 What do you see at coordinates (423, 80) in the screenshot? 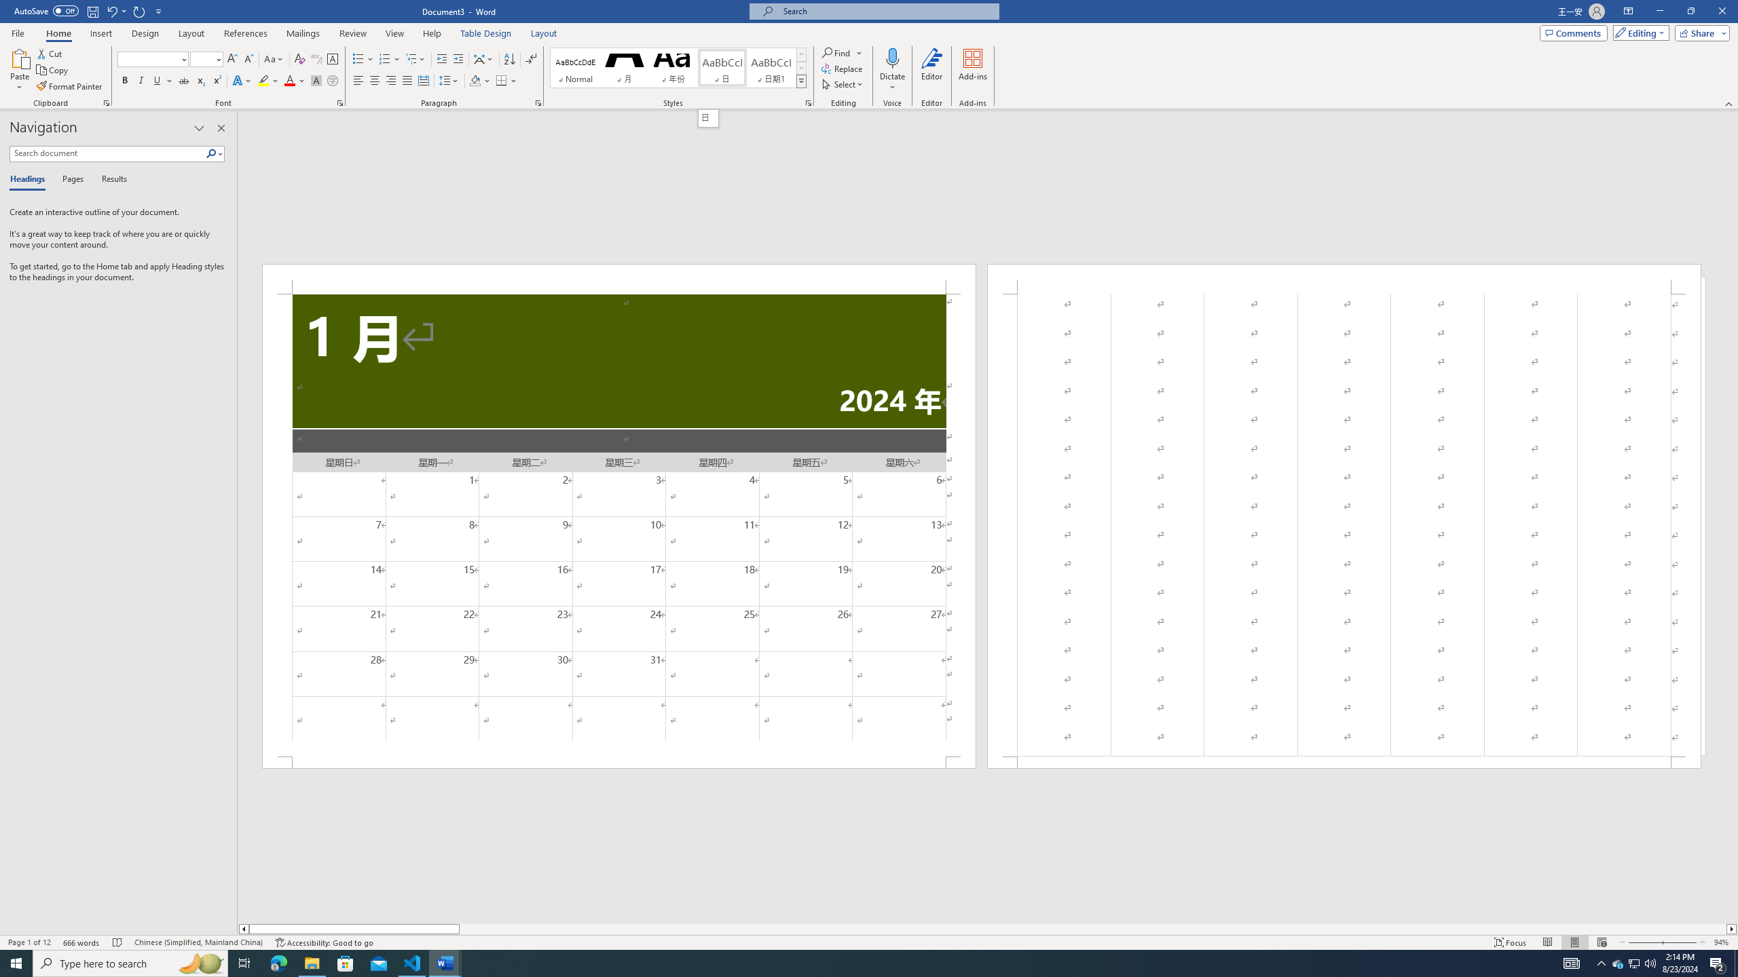
I see `'Distributed'` at bounding box center [423, 80].